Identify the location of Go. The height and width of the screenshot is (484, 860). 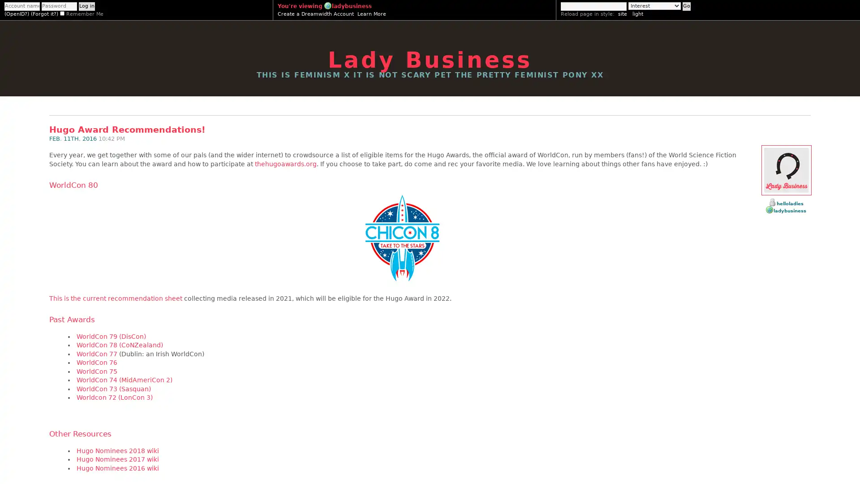
(685, 6).